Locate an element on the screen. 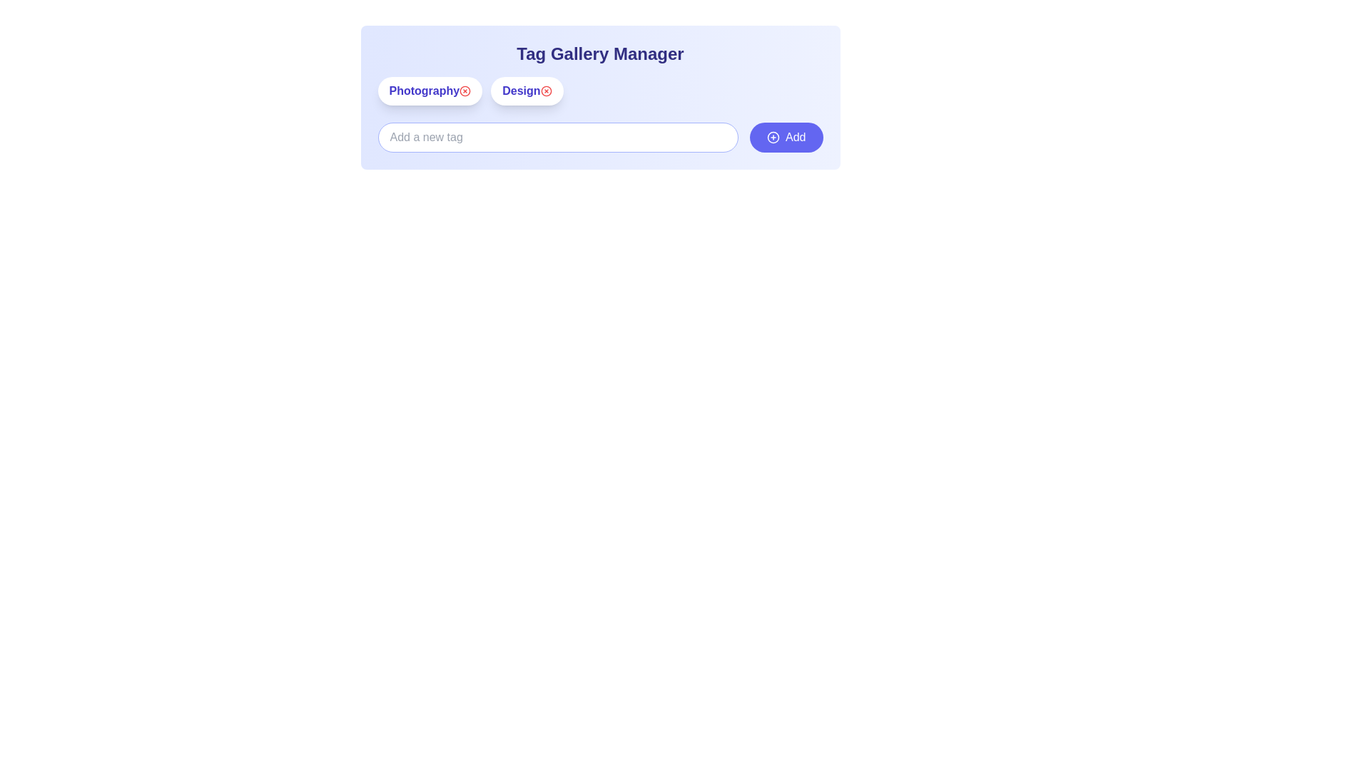 The image size is (1370, 770). the circular decorative component of the 'Add' button located in the rightmost section of the UI, which enhances the button's functionality for adding new tags is located at coordinates (773, 137).